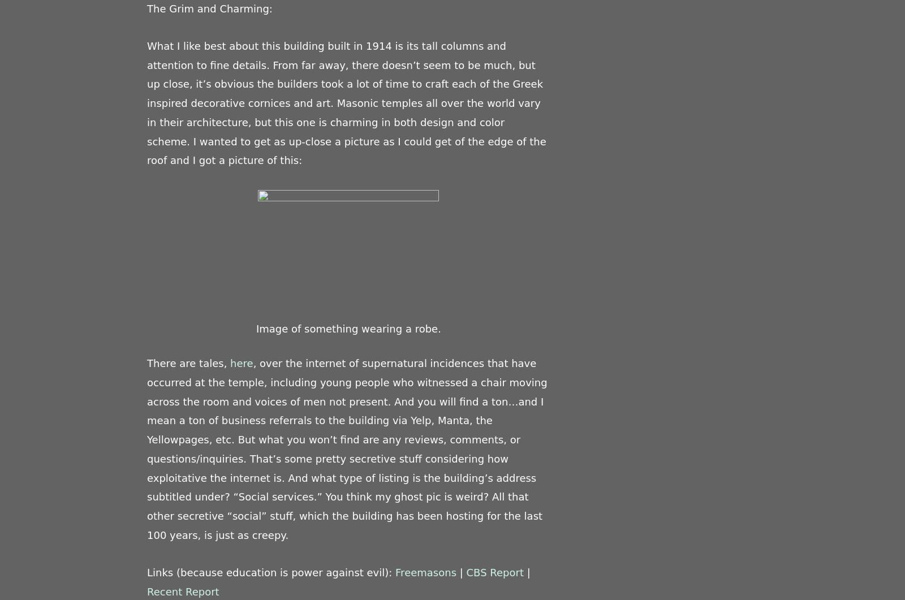 This screenshot has width=905, height=600. Describe the element at coordinates (494, 572) in the screenshot. I see `'CBS Report'` at that location.